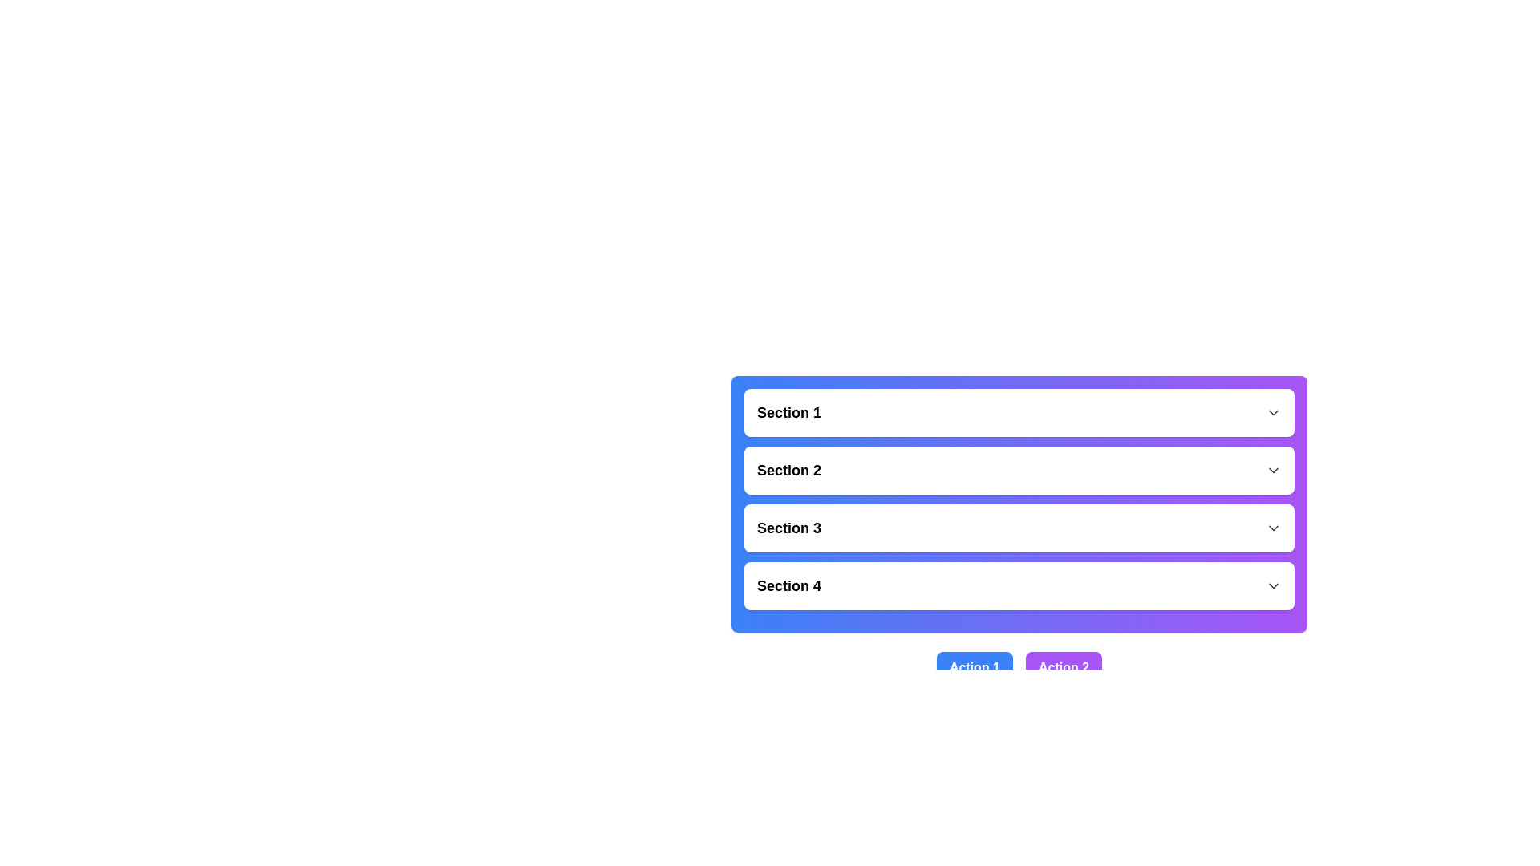 This screenshot has width=1540, height=866. What do you see at coordinates (788, 528) in the screenshot?
I see `the text label displaying 'Section 3' which is styled in bold and larger font, positioned third in a vertical list of sections, and aligned with an arrow icon to its right` at bounding box center [788, 528].